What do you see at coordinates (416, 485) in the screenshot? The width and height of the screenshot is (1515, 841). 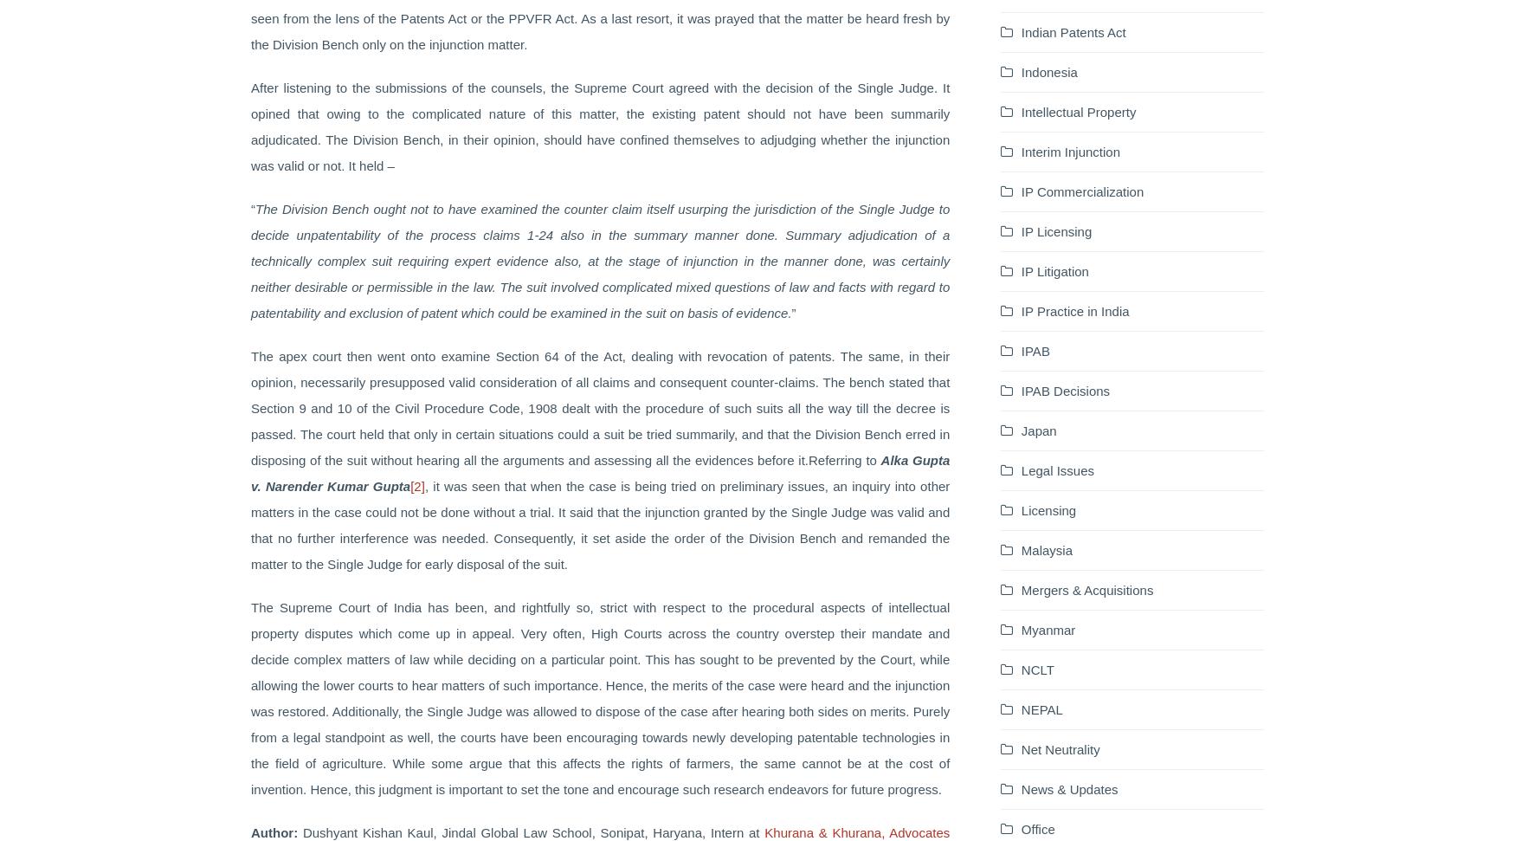 I see `'[2]'` at bounding box center [416, 485].